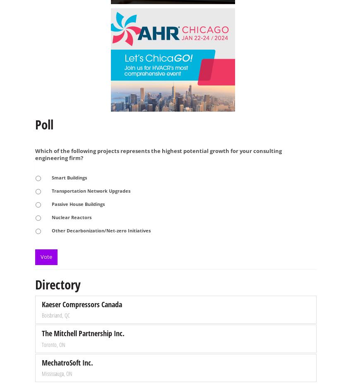 This screenshot has width=358, height=392. What do you see at coordinates (42, 304) in the screenshot?
I see `'Kaeser Compressors Canada'` at bounding box center [42, 304].